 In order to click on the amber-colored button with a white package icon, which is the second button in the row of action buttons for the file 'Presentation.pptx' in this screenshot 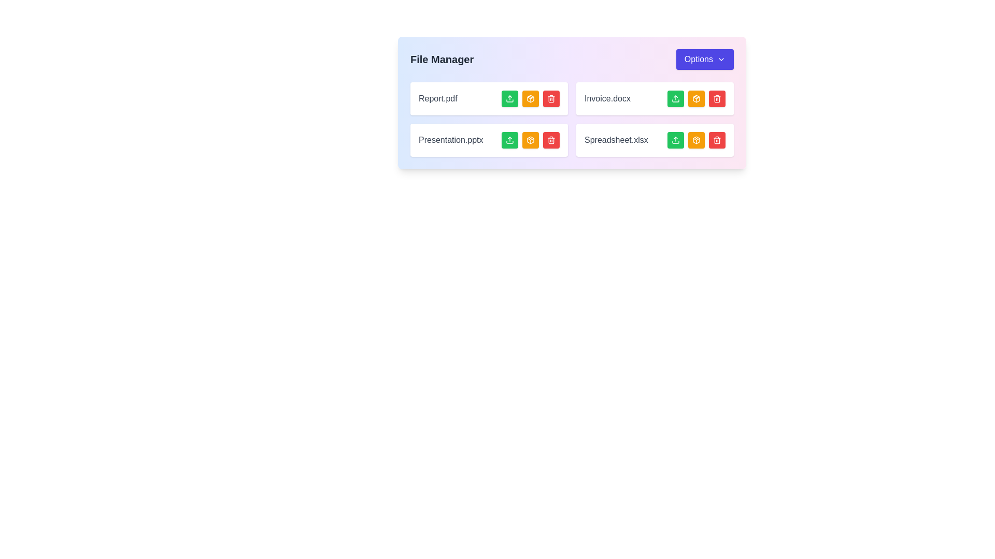, I will do `click(530, 140)`.